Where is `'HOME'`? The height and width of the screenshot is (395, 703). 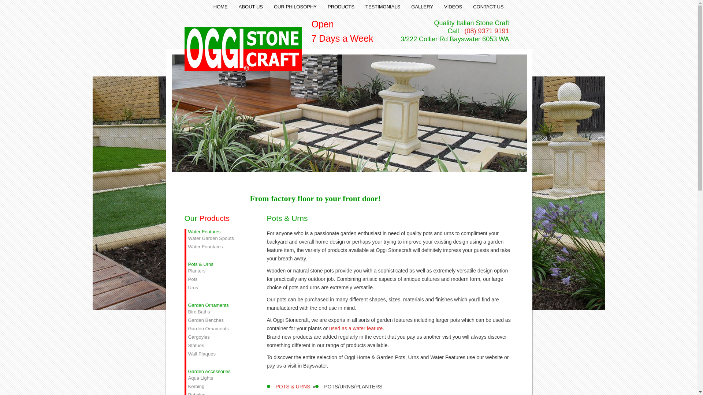 'HOME' is located at coordinates (220, 6).